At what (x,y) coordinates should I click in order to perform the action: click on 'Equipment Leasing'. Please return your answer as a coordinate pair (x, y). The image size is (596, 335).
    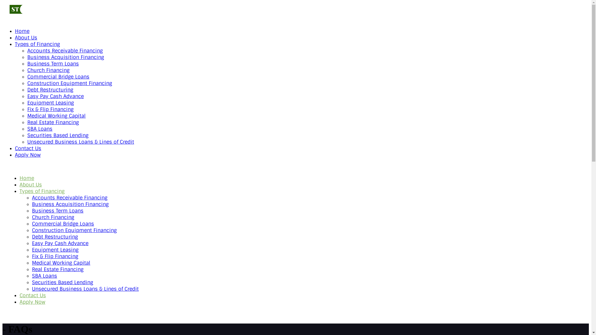
    Looking at the image, I should click on (55, 249).